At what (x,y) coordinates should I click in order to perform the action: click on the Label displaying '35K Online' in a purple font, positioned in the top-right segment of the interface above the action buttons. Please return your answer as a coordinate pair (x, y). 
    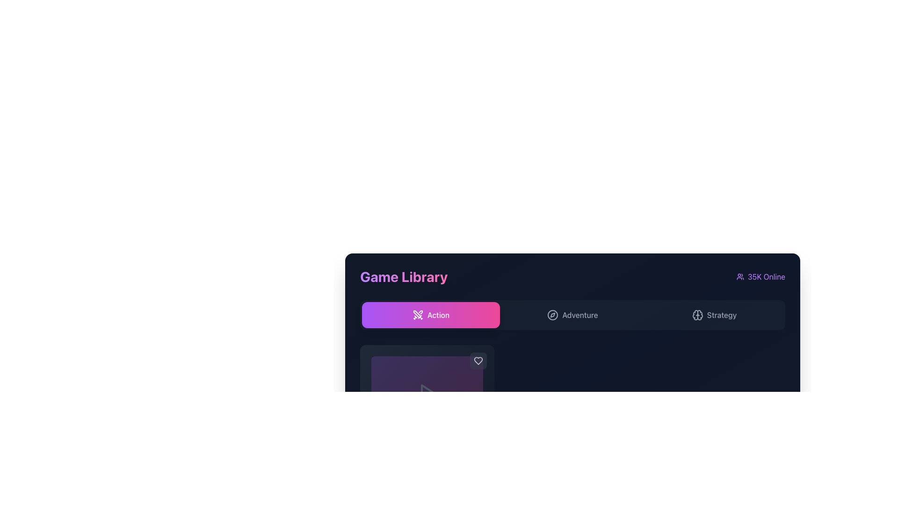
    Looking at the image, I should click on (761, 276).